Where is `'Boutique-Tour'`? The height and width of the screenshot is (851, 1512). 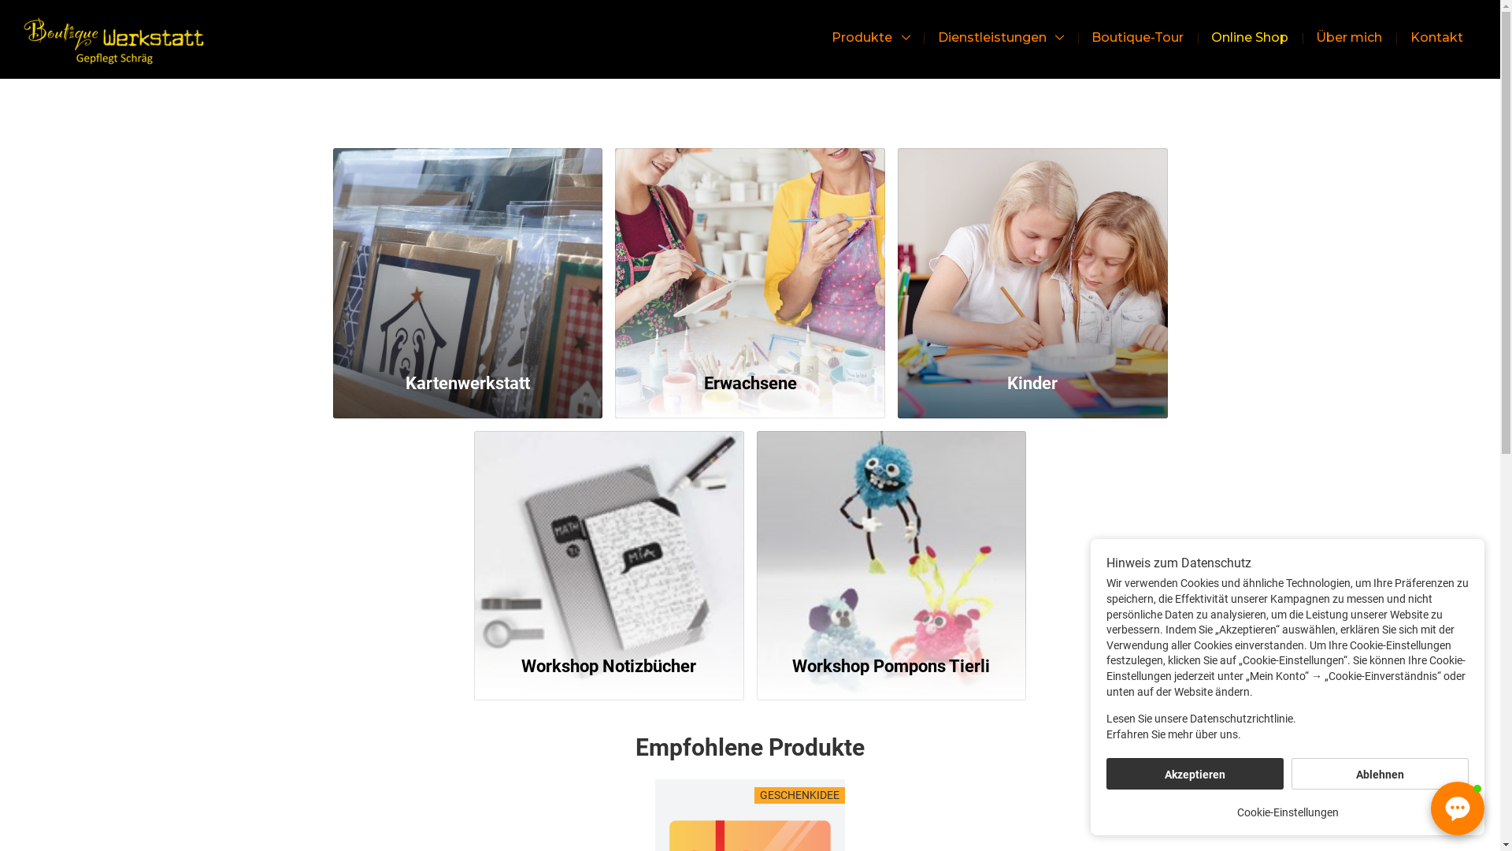 'Boutique-Tour' is located at coordinates (1137, 37).